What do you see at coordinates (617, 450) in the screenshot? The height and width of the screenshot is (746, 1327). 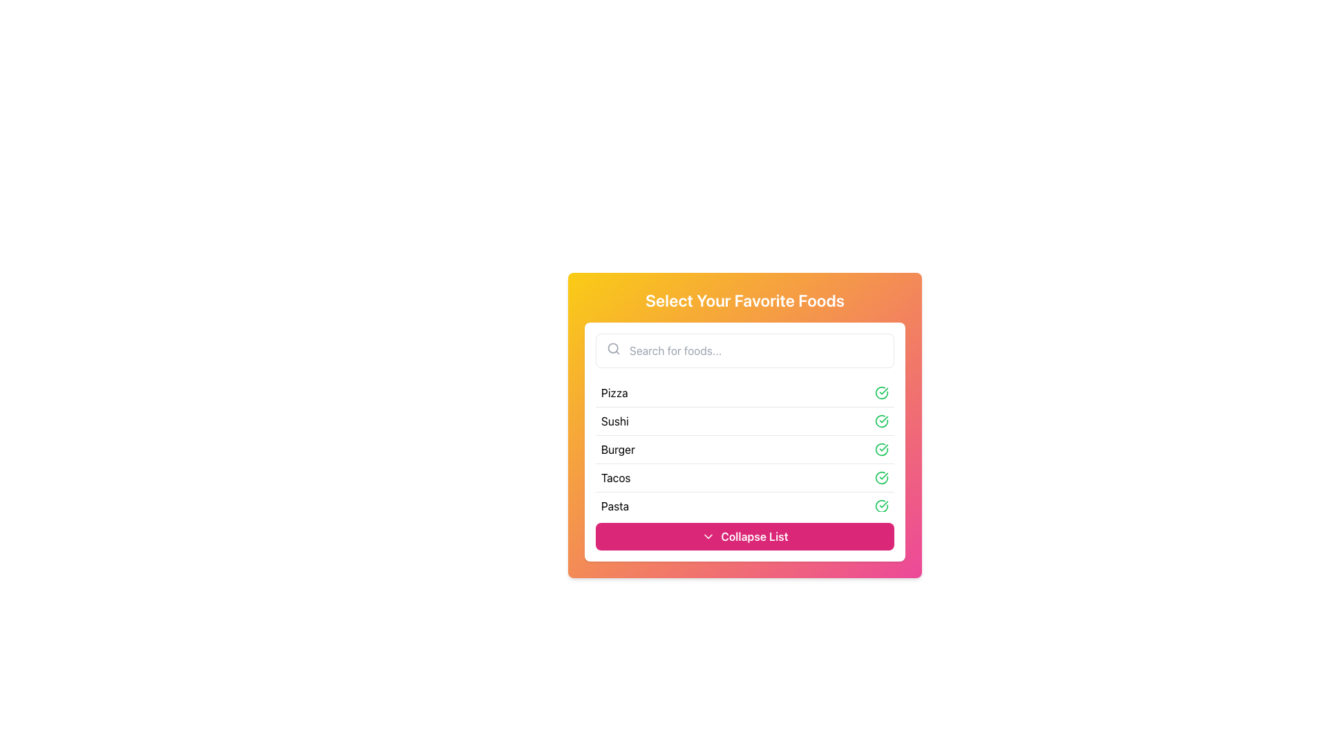 I see `text label displaying the word 'Burger', which is the third item in a vertical list of food names within the modal dialog titled 'Select Your Favorite Foods'` at bounding box center [617, 450].